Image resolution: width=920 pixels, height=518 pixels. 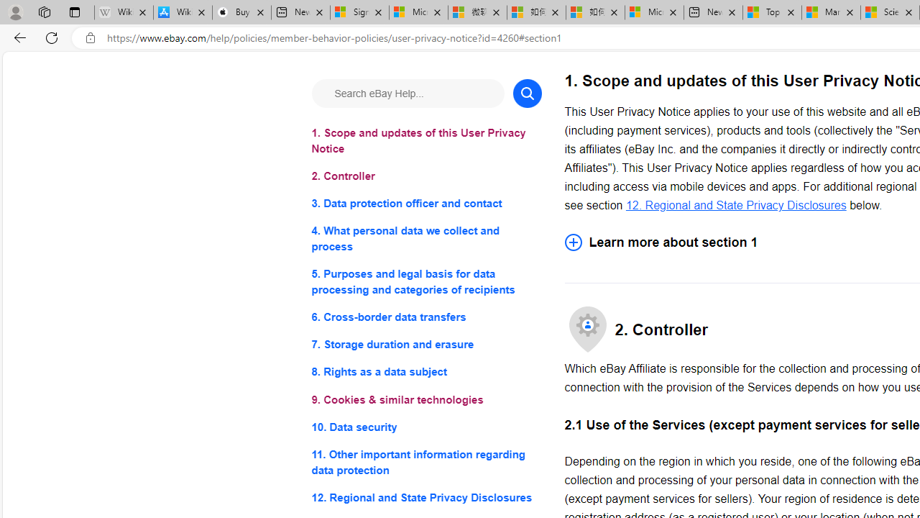 What do you see at coordinates (241, 12) in the screenshot?
I see `'Buy iPad - Apple'` at bounding box center [241, 12].